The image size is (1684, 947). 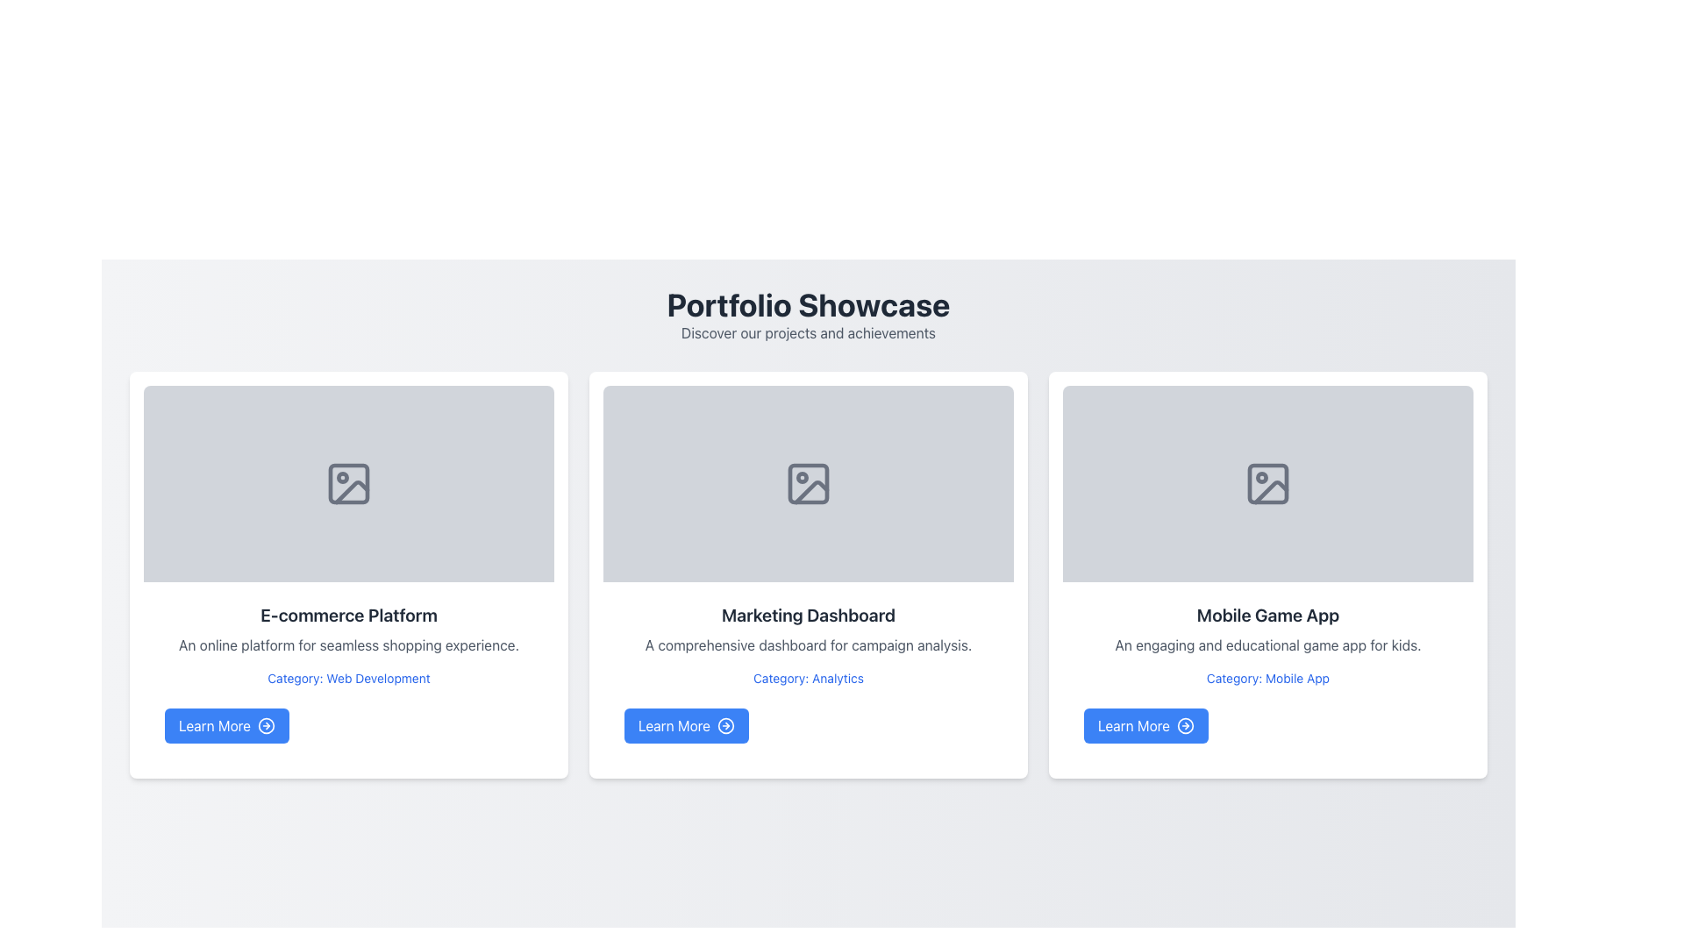 What do you see at coordinates (807, 333) in the screenshot?
I see `the descriptive Text label located below the 'Portfolio Showcase' heading, which provides information about the section's purpose` at bounding box center [807, 333].